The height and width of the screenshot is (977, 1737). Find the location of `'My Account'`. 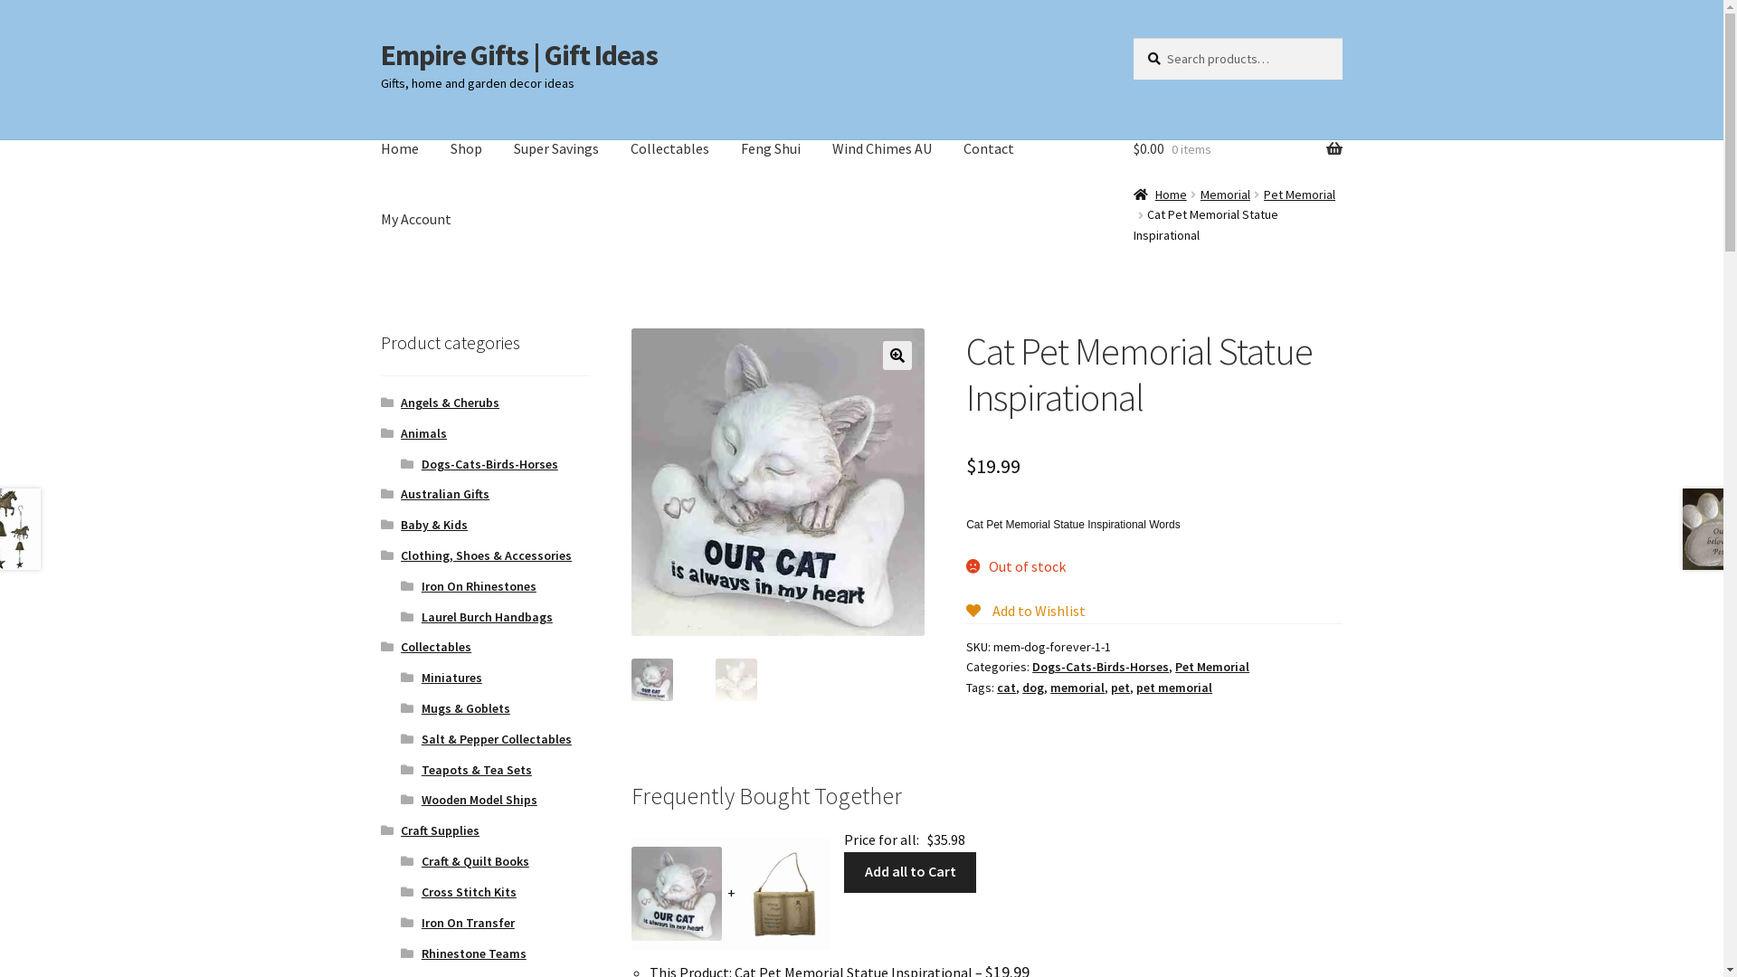

'My Account' is located at coordinates (415, 219).